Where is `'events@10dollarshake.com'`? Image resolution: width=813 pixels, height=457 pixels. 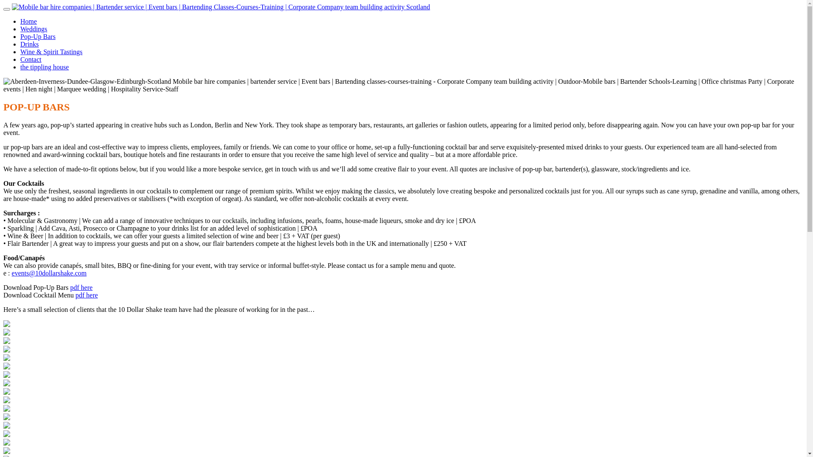
'events@10dollarshake.com' is located at coordinates (49, 273).